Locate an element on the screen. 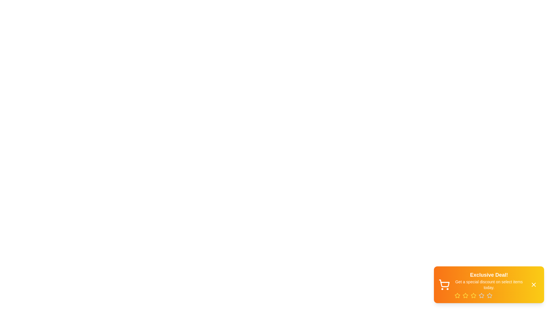 Image resolution: width=551 pixels, height=310 pixels. the close button to dismiss the snackbar is located at coordinates (533, 284).